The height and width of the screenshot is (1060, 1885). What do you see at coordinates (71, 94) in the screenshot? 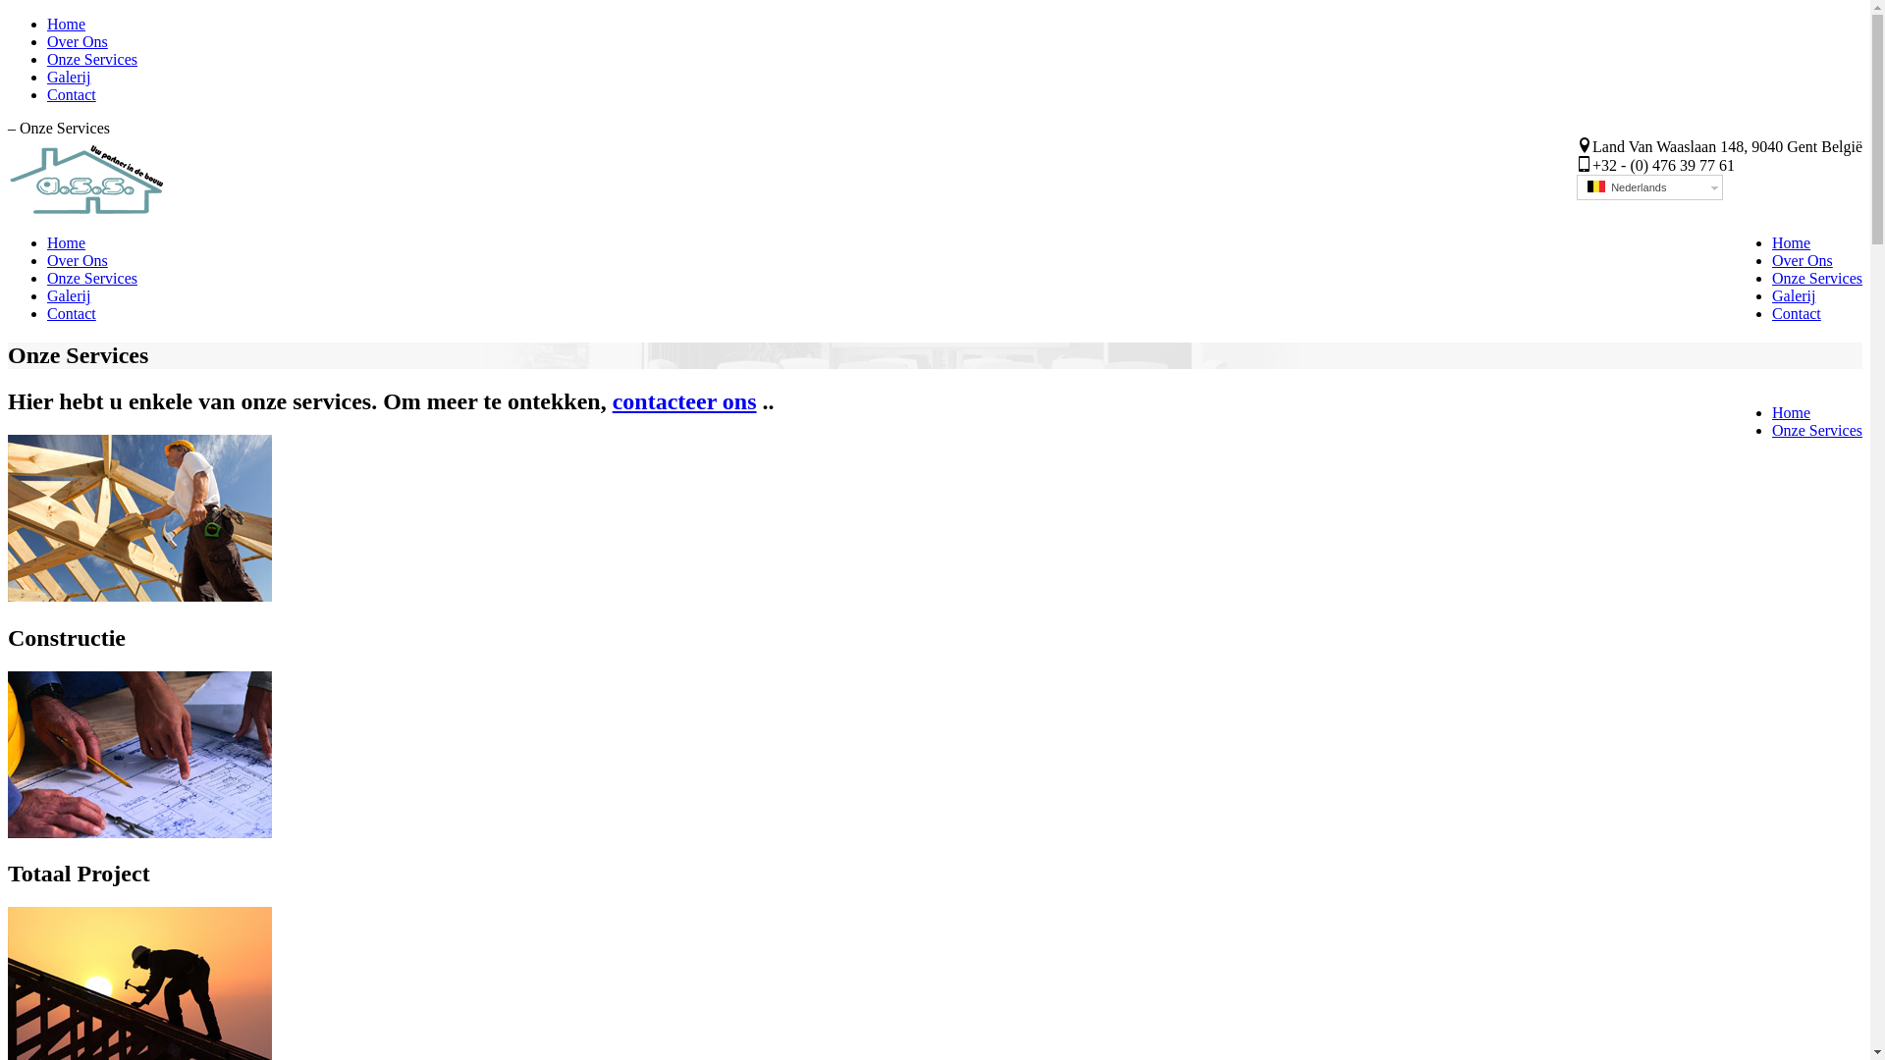
I see `'Contact'` at bounding box center [71, 94].